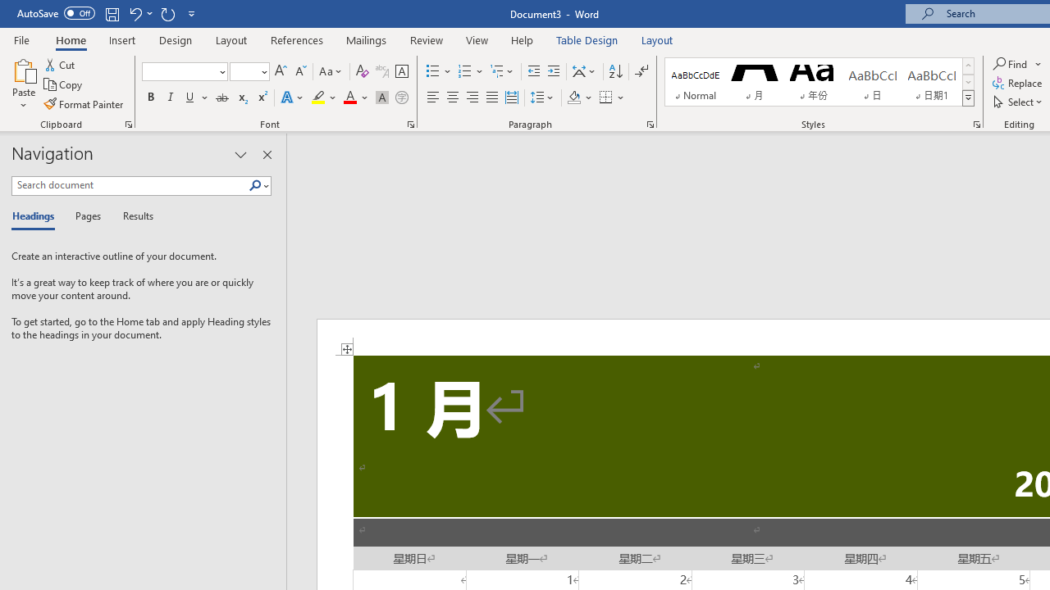 The height and width of the screenshot is (590, 1050). What do you see at coordinates (641, 70) in the screenshot?
I see `'Show/Hide Editing Marks'` at bounding box center [641, 70].